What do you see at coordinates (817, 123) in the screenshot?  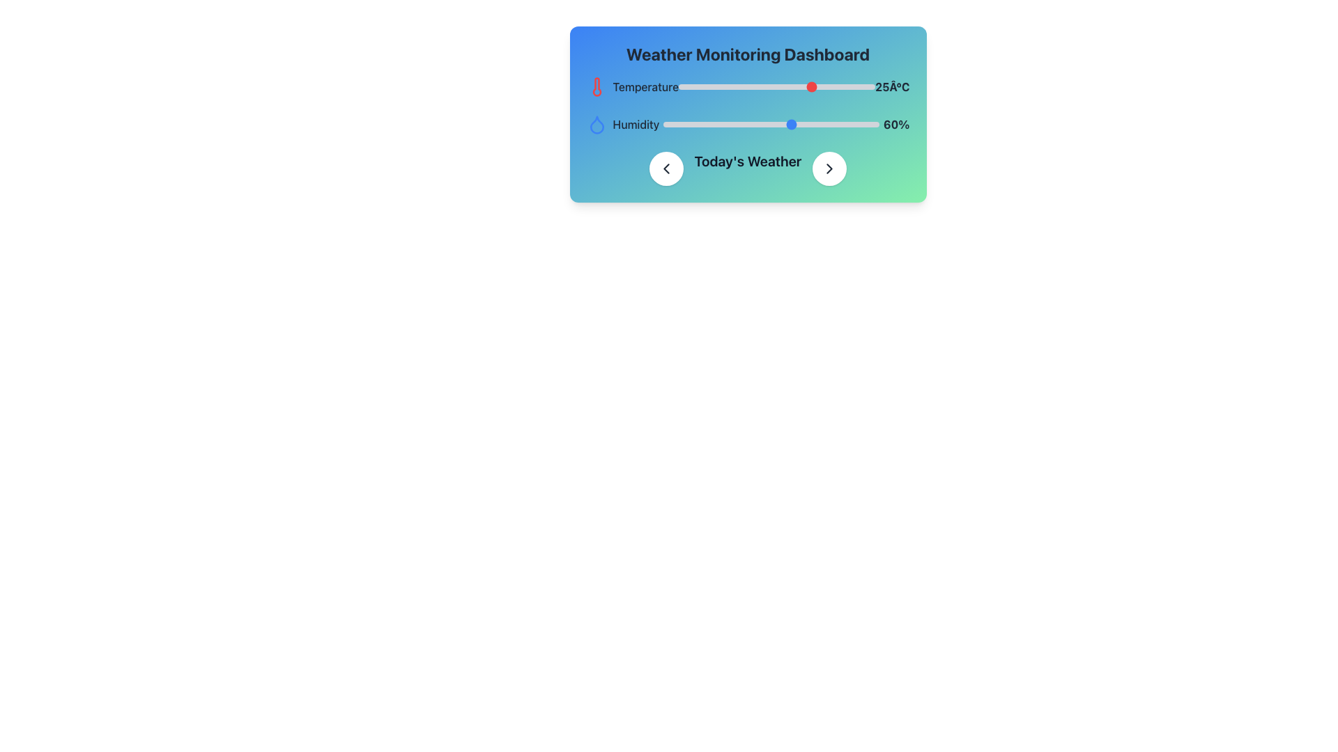 I see `humidity` at bounding box center [817, 123].